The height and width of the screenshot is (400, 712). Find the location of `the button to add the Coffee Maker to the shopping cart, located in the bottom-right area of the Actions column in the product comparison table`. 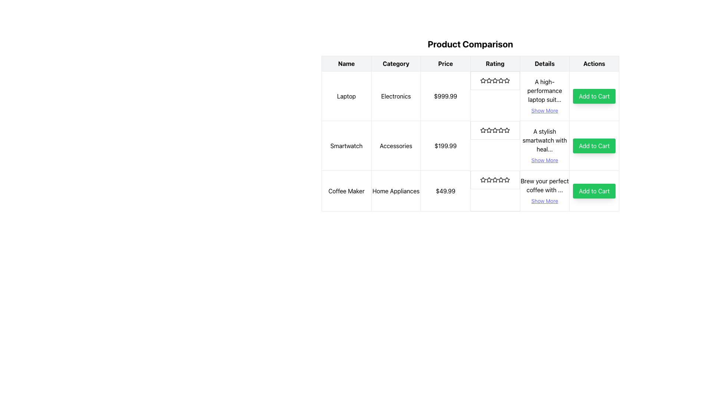

the button to add the Coffee Maker to the shopping cart, located in the bottom-right area of the Actions column in the product comparison table is located at coordinates (594, 190).